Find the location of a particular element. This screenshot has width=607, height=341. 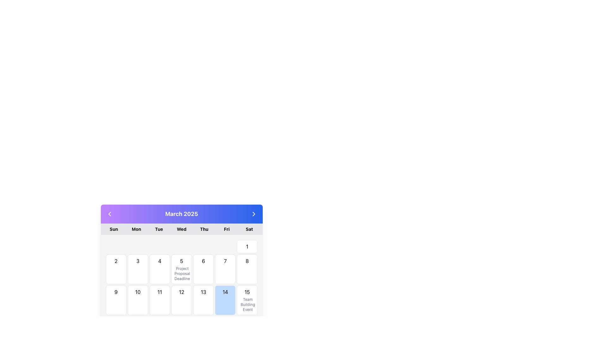

the button labeled '1' in the calendar grid is located at coordinates (247, 246).